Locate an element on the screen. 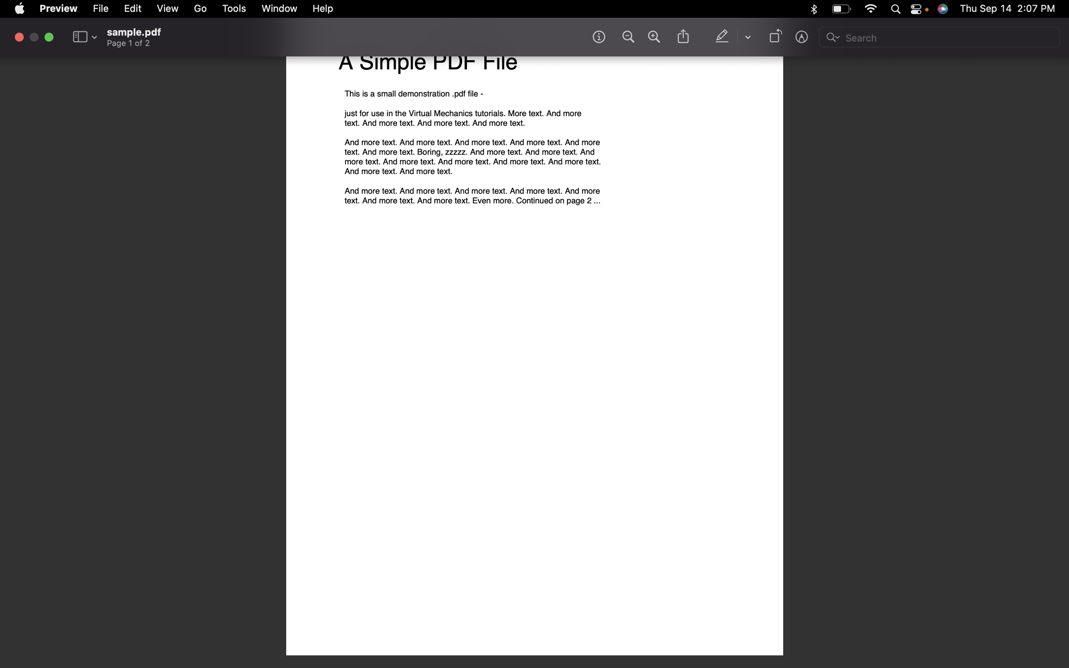 This screenshot has height=668, width=1069. a novel file is located at coordinates (102, 8).